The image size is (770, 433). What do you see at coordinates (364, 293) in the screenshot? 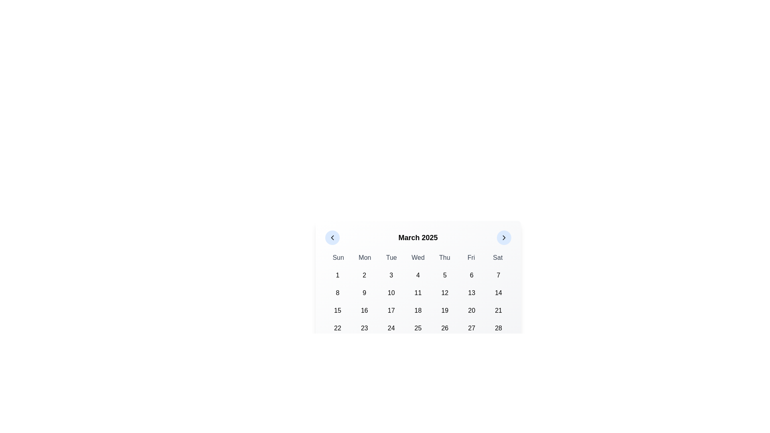
I see `the rounded rectangular button labeled '9' in the calendar layout` at bounding box center [364, 293].